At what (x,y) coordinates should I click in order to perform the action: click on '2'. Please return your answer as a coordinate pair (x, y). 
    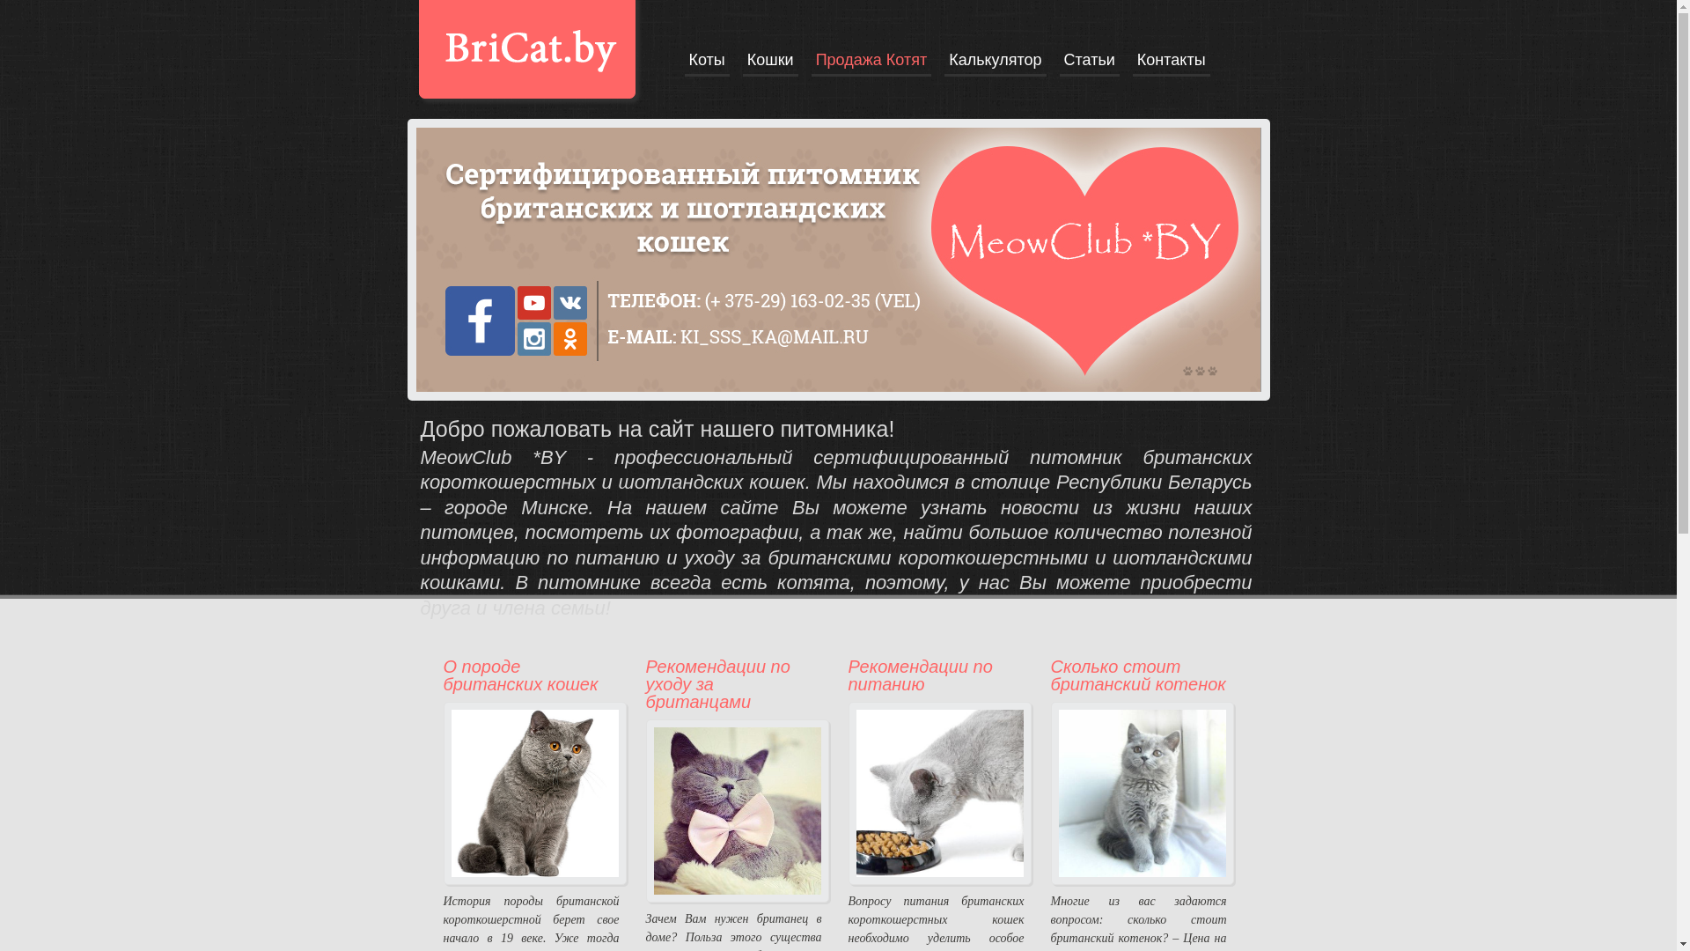
    Looking at the image, I should click on (1199, 369).